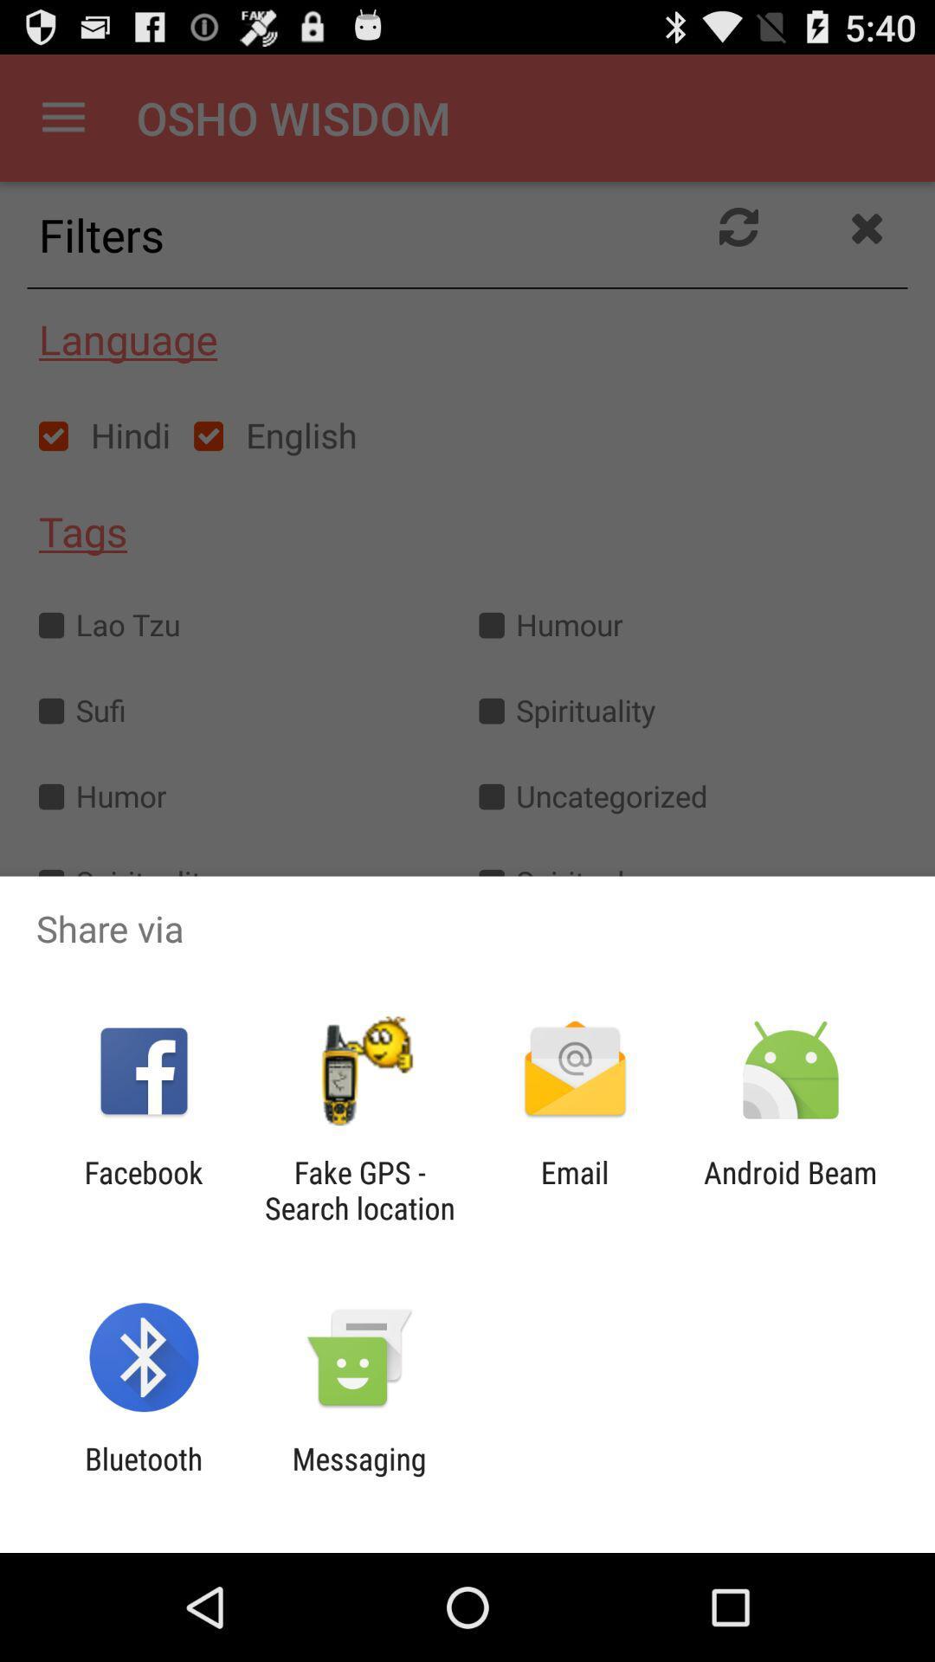  Describe the element at coordinates (358, 1476) in the screenshot. I see `item next to the bluetooth app` at that location.